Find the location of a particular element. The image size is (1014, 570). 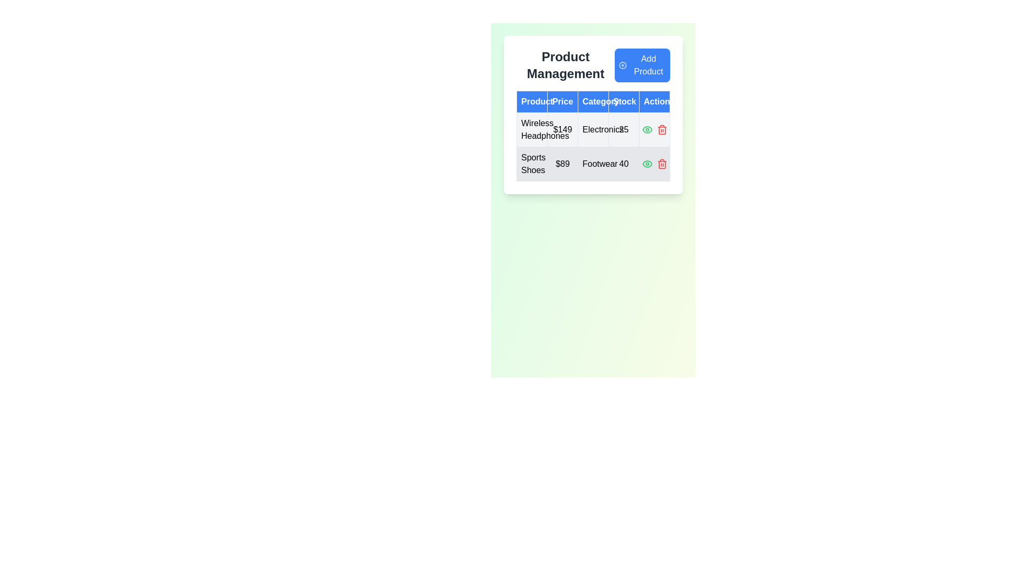

the 'Actions' label, which is the fifth element in a row of labels under 'Product Management' with a blue background and white text is located at coordinates (654, 101).